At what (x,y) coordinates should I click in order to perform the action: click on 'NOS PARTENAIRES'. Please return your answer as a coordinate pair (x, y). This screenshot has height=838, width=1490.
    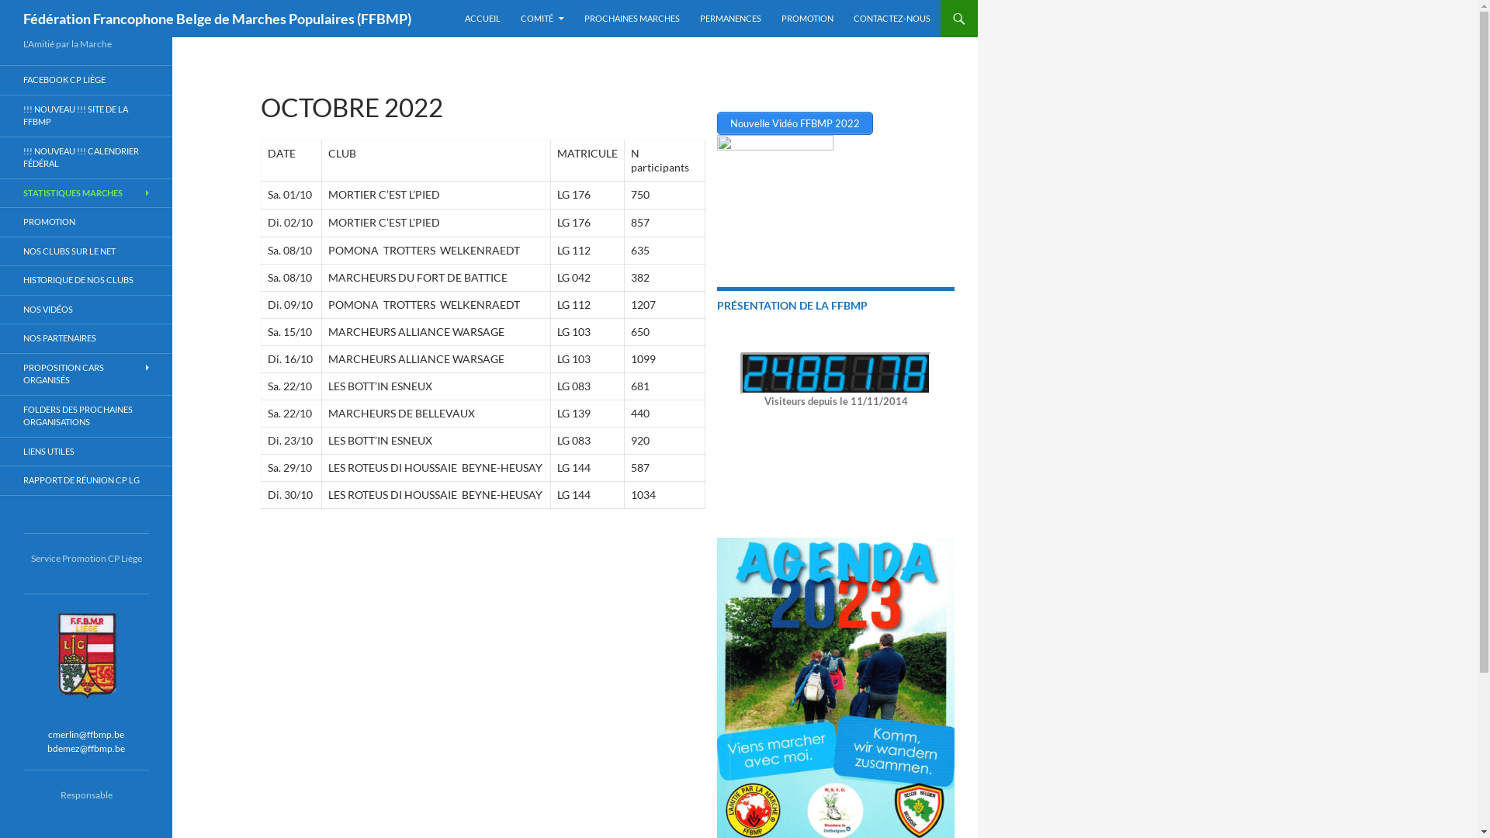
    Looking at the image, I should click on (85, 338).